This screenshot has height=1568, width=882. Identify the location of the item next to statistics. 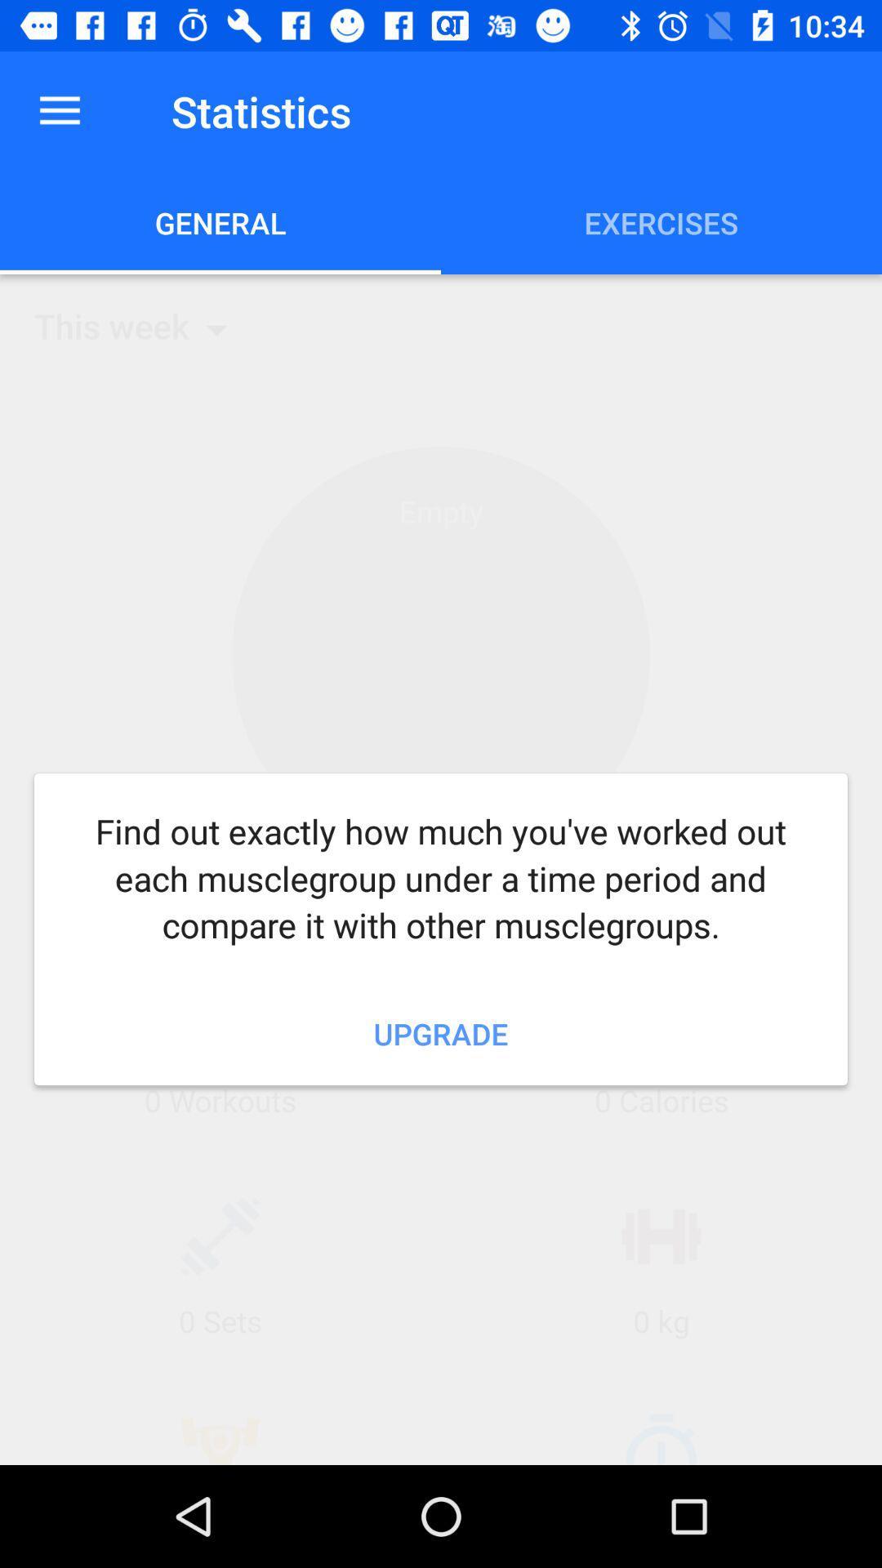
(59, 110).